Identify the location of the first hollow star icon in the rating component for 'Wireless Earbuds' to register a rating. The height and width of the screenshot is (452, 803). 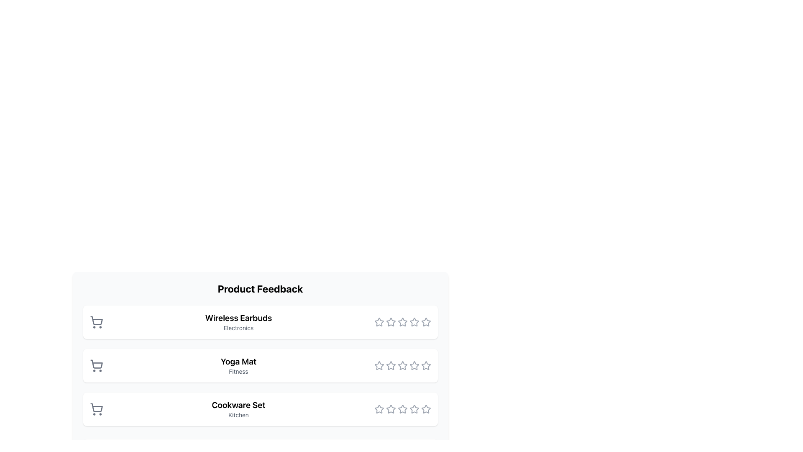
(378, 321).